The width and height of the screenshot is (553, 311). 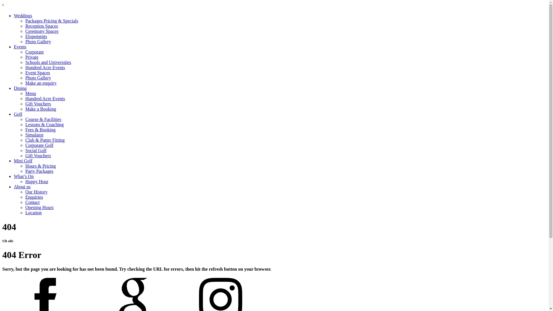 What do you see at coordinates (38, 78) in the screenshot?
I see `'Photo Gallery'` at bounding box center [38, 78].